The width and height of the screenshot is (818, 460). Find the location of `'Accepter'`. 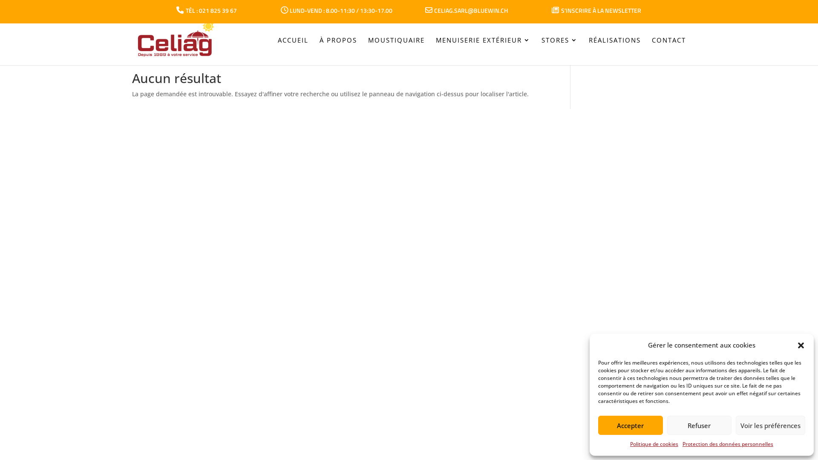

'Accepter' is located at coordinates (597, 425).